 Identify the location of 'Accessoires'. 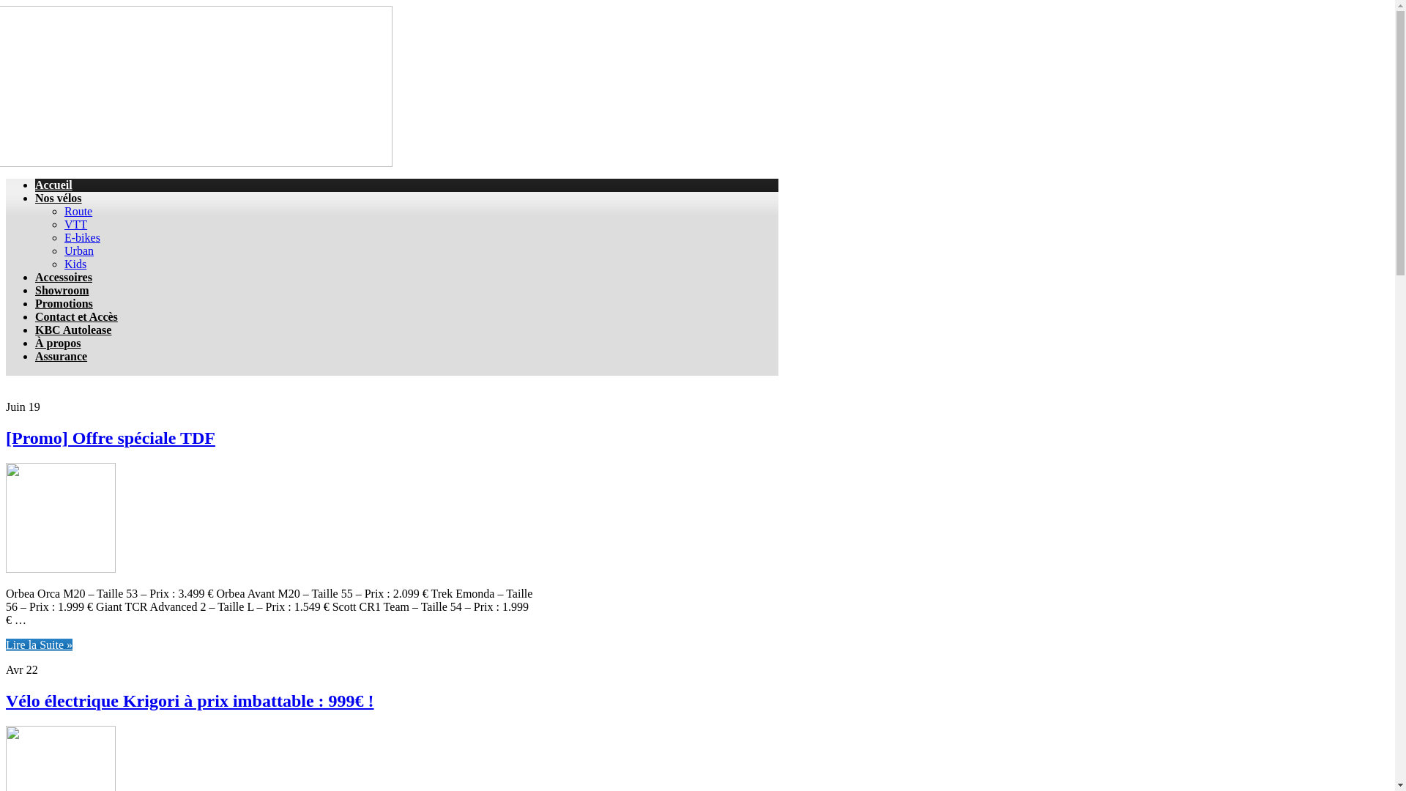
(62, 277).